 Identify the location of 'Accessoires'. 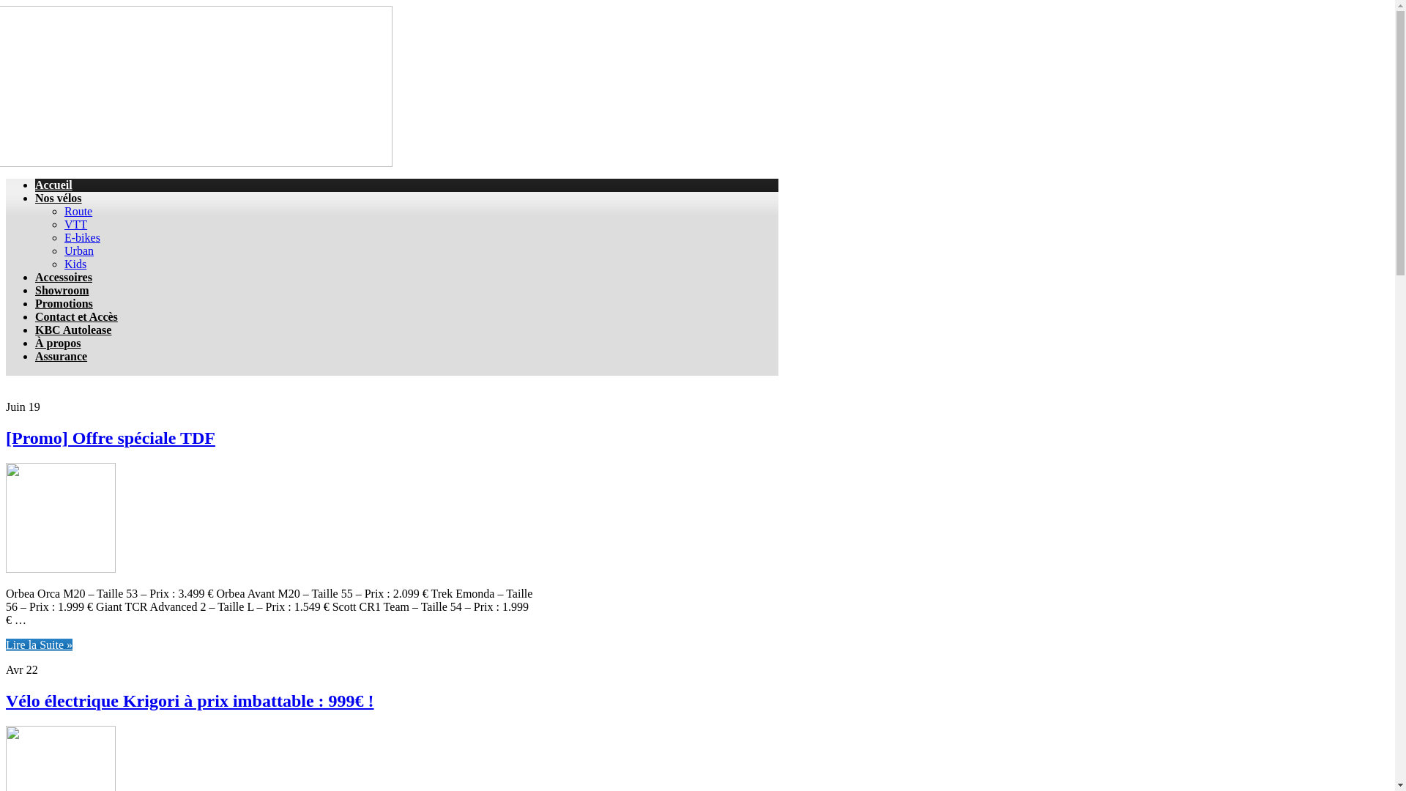
(62, 277).